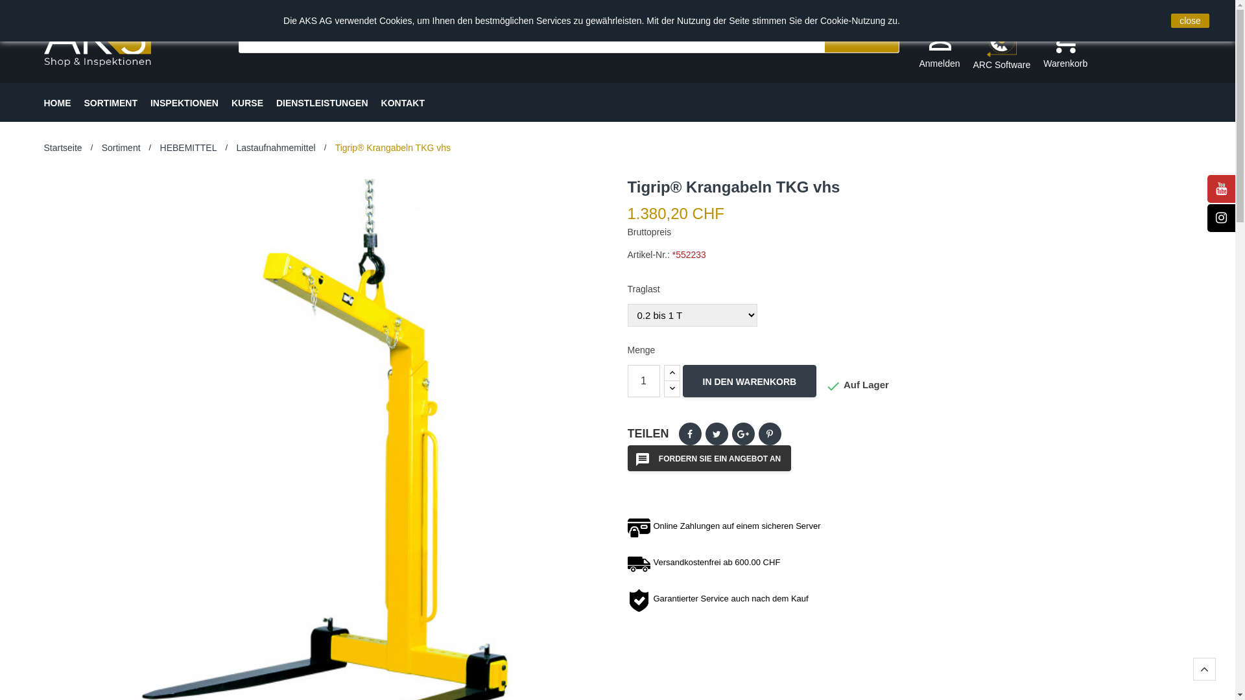 The width and height of the screenshot is (1245, 700). What do you see at coordinates (1220, 189) in the screenshot?
I see `'YouTube'` at bounding box center [1220, 189].